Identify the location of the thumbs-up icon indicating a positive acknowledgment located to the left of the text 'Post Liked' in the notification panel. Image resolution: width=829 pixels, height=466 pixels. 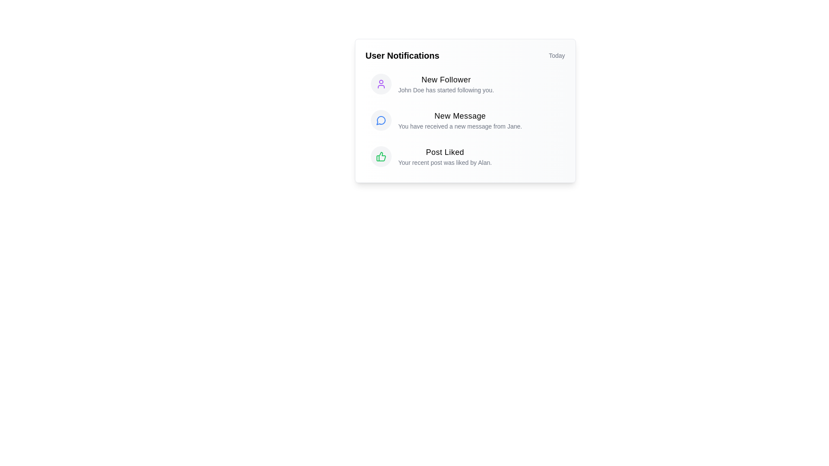
(380, 156).